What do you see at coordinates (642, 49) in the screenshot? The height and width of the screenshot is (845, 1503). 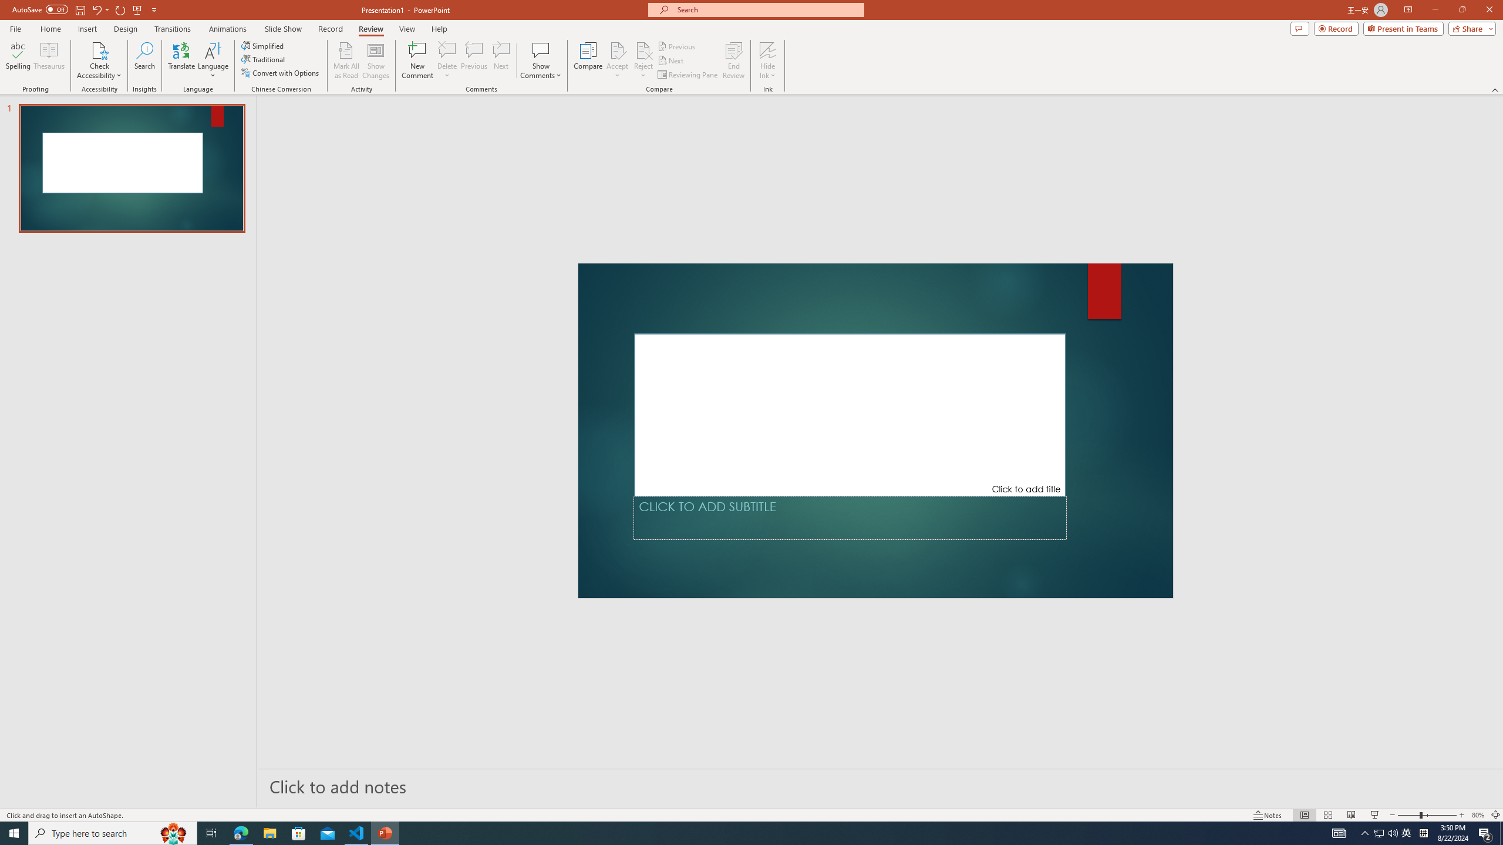 I see `'Reject Change'` at bounding box center [642, 49].